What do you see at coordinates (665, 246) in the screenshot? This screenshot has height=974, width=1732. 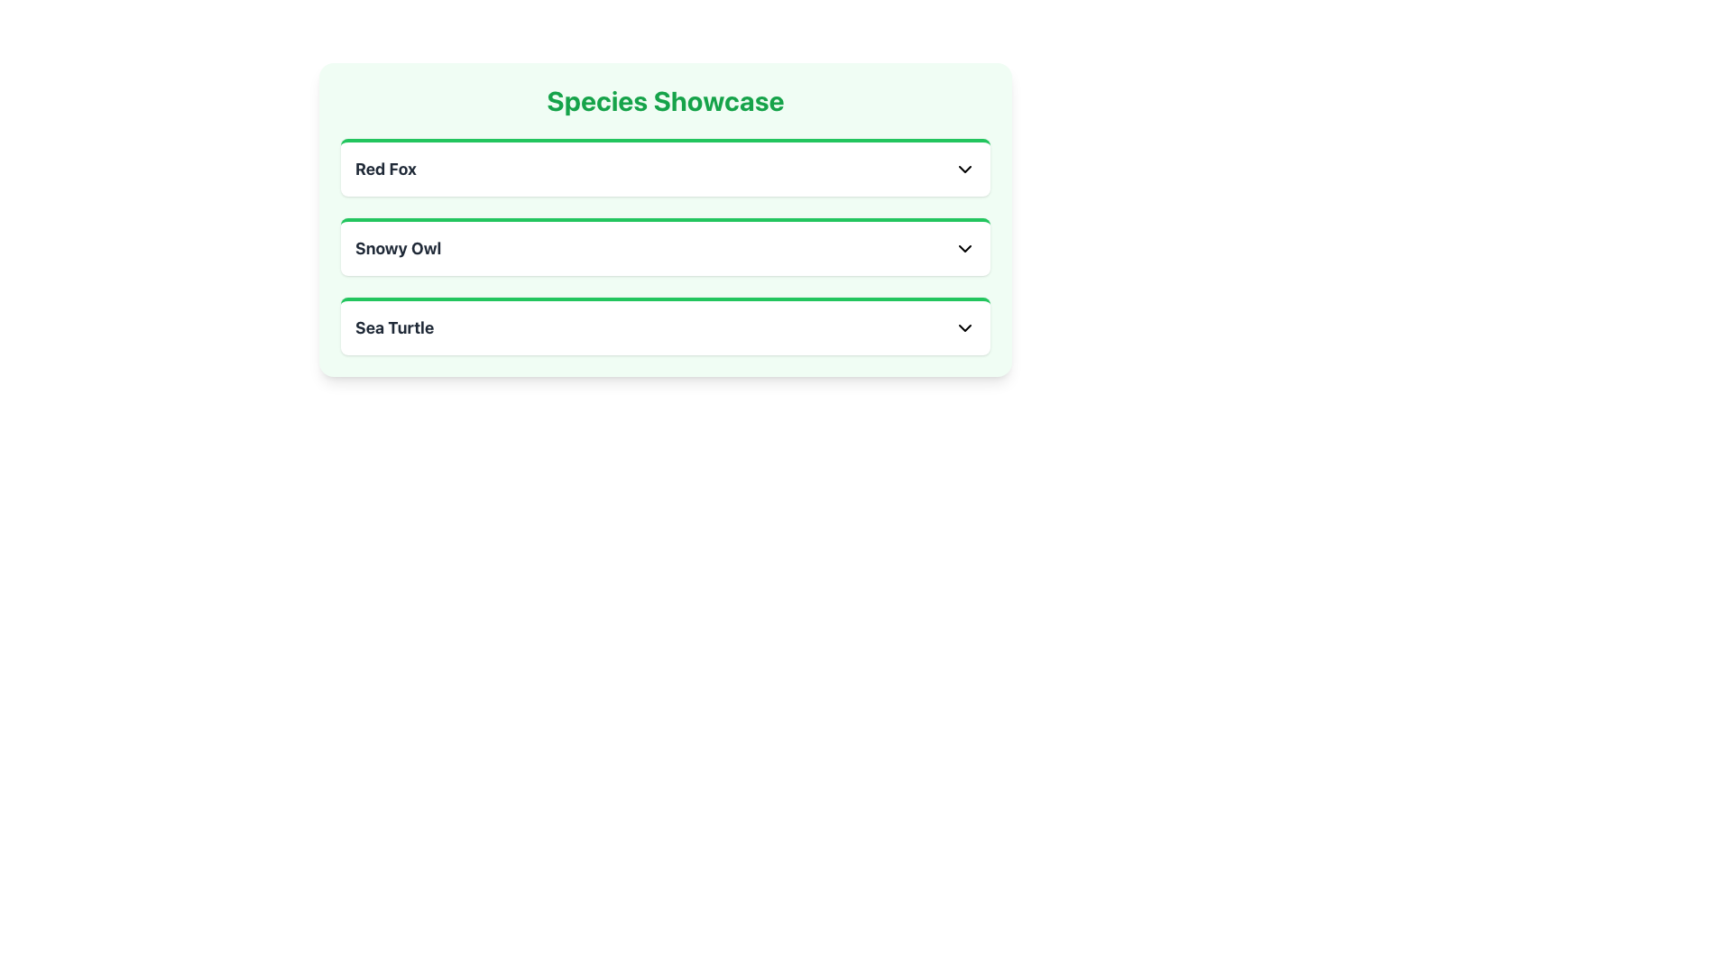 I see `the 'Snowy Owl' interactive card located in the center of the 'Species Showcase' box for further interaction` at bounding box center [665, 246].